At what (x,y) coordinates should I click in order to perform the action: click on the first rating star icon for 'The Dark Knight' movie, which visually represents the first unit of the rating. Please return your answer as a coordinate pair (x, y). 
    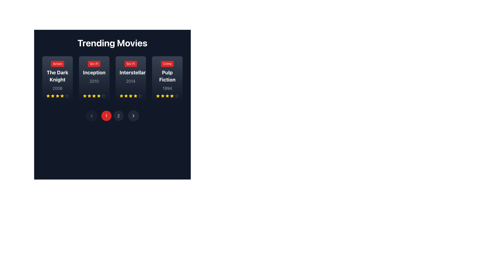
    Looking at the image, I should click on (53, 96).